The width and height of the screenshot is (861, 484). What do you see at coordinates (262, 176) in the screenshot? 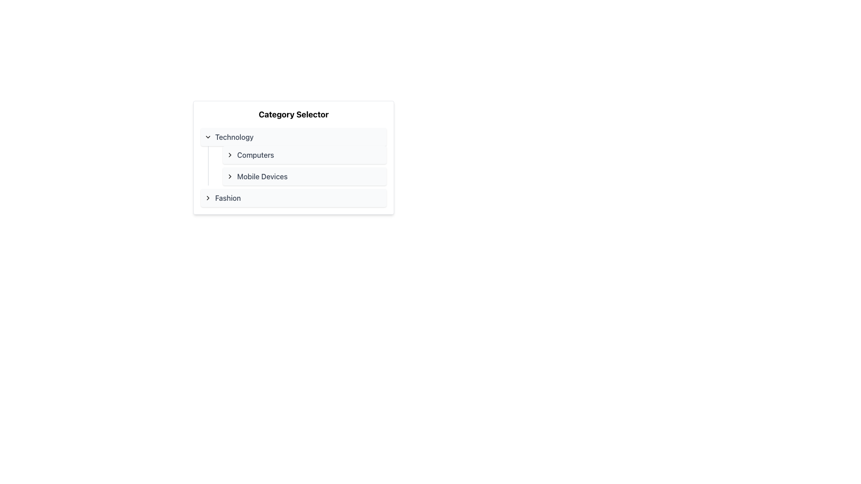
I see `the 'Mobile Devices' text label, which is displayed in a medium-sized gray font` at bounding box center [262, 176].